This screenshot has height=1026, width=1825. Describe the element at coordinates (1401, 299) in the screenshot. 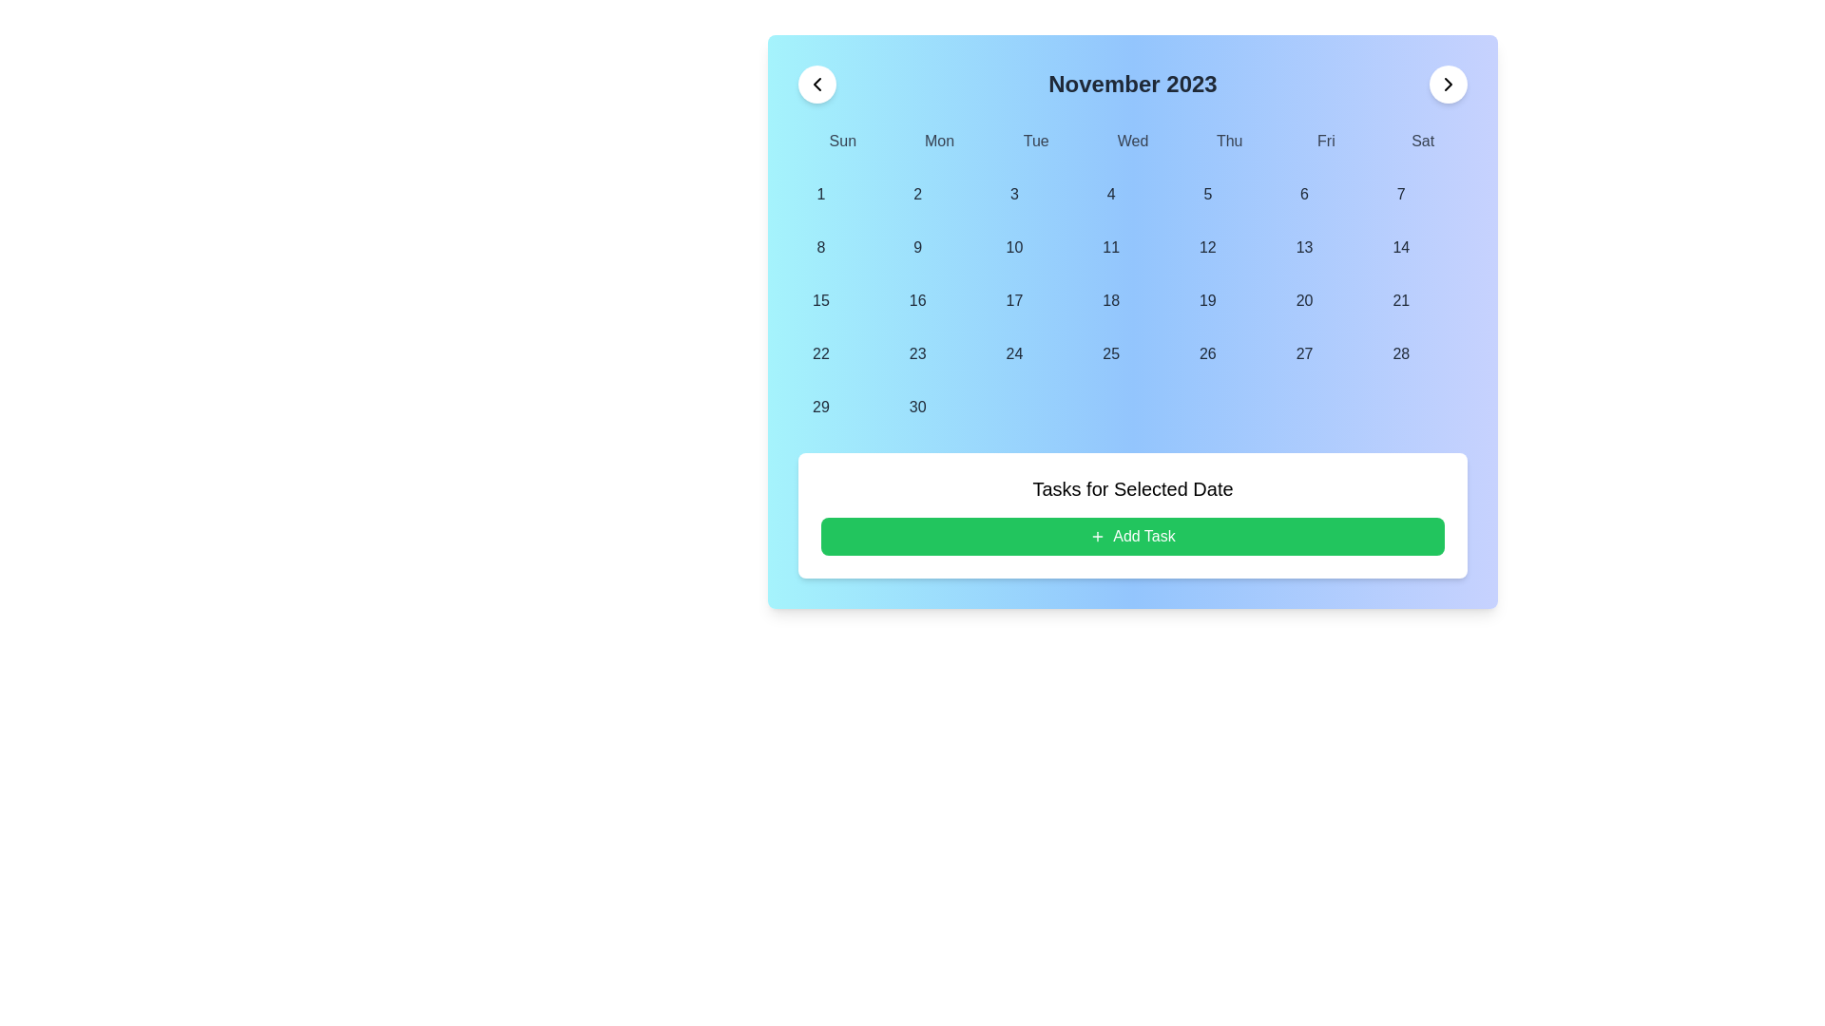

I see `the button labeled '21', which is a rounded square button located in the fourth row and seventh column of a calendar grid` at that location.